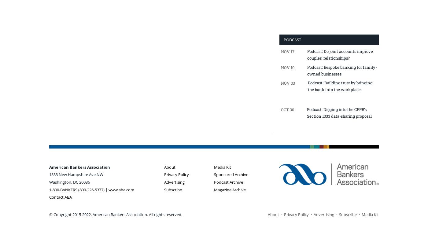 This screenshot has width=428, height=228. I want to click on 'Advertising', so click(174, 182).